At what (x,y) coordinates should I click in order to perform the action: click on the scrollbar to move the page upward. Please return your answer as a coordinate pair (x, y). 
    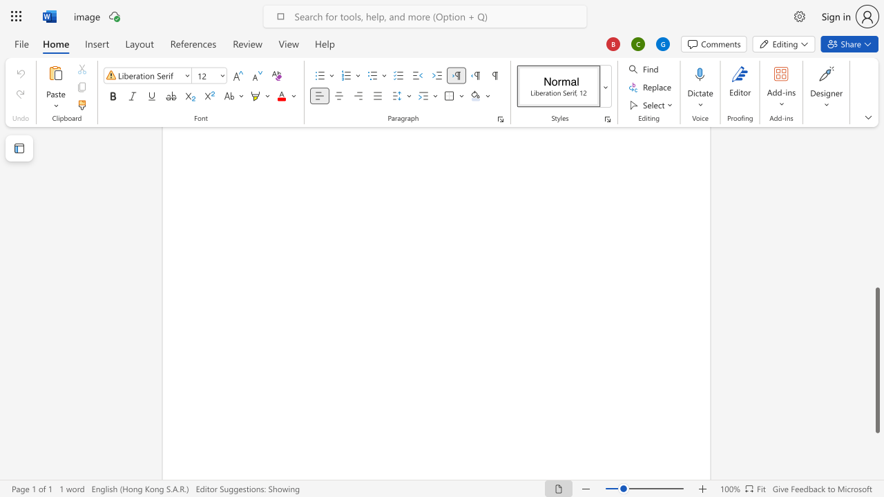
    Looking at the image, I should click on (876, 255).